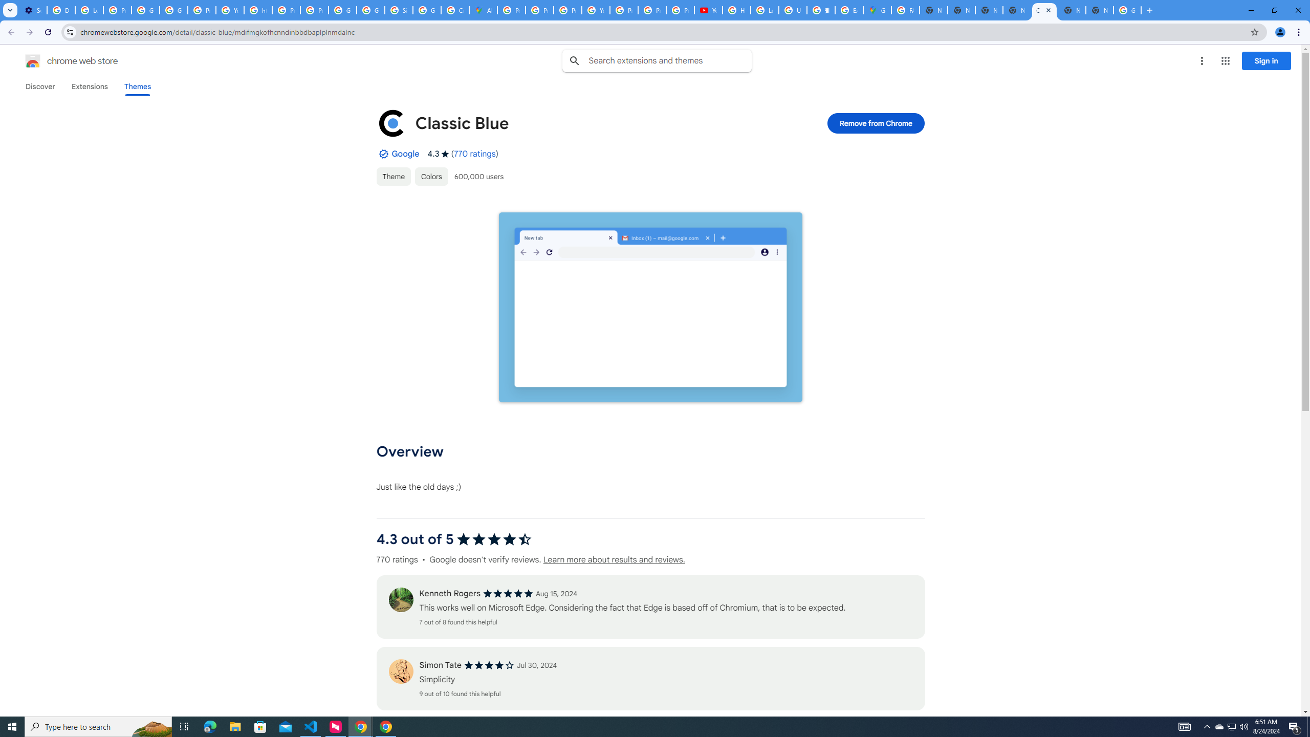 Image resolution: width=1310 pixels, height=737 pixels. What do you see at coordinates (613, 560) in the screenshot?
I see `'Learn more about results and reviews.'` at bounding box center [613, 560].